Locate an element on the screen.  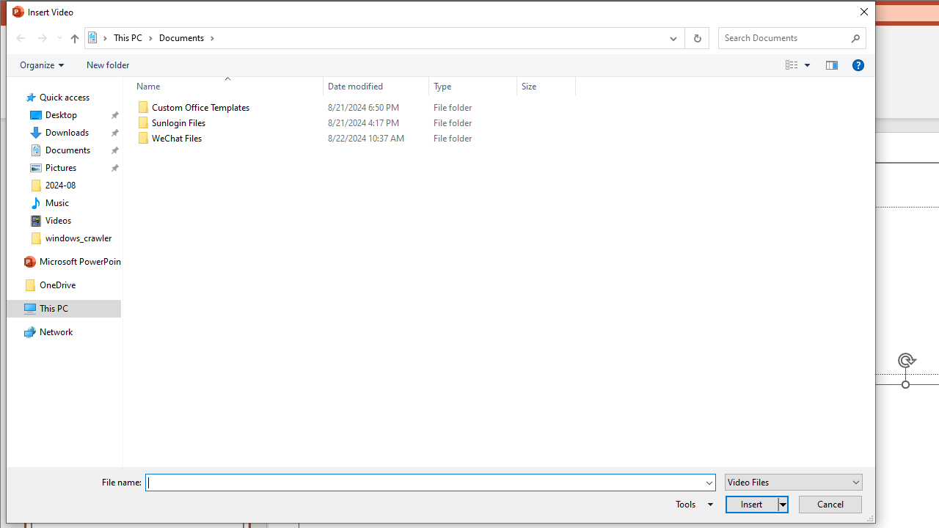
'Previous Locations' is located at coordinates (671, 37).